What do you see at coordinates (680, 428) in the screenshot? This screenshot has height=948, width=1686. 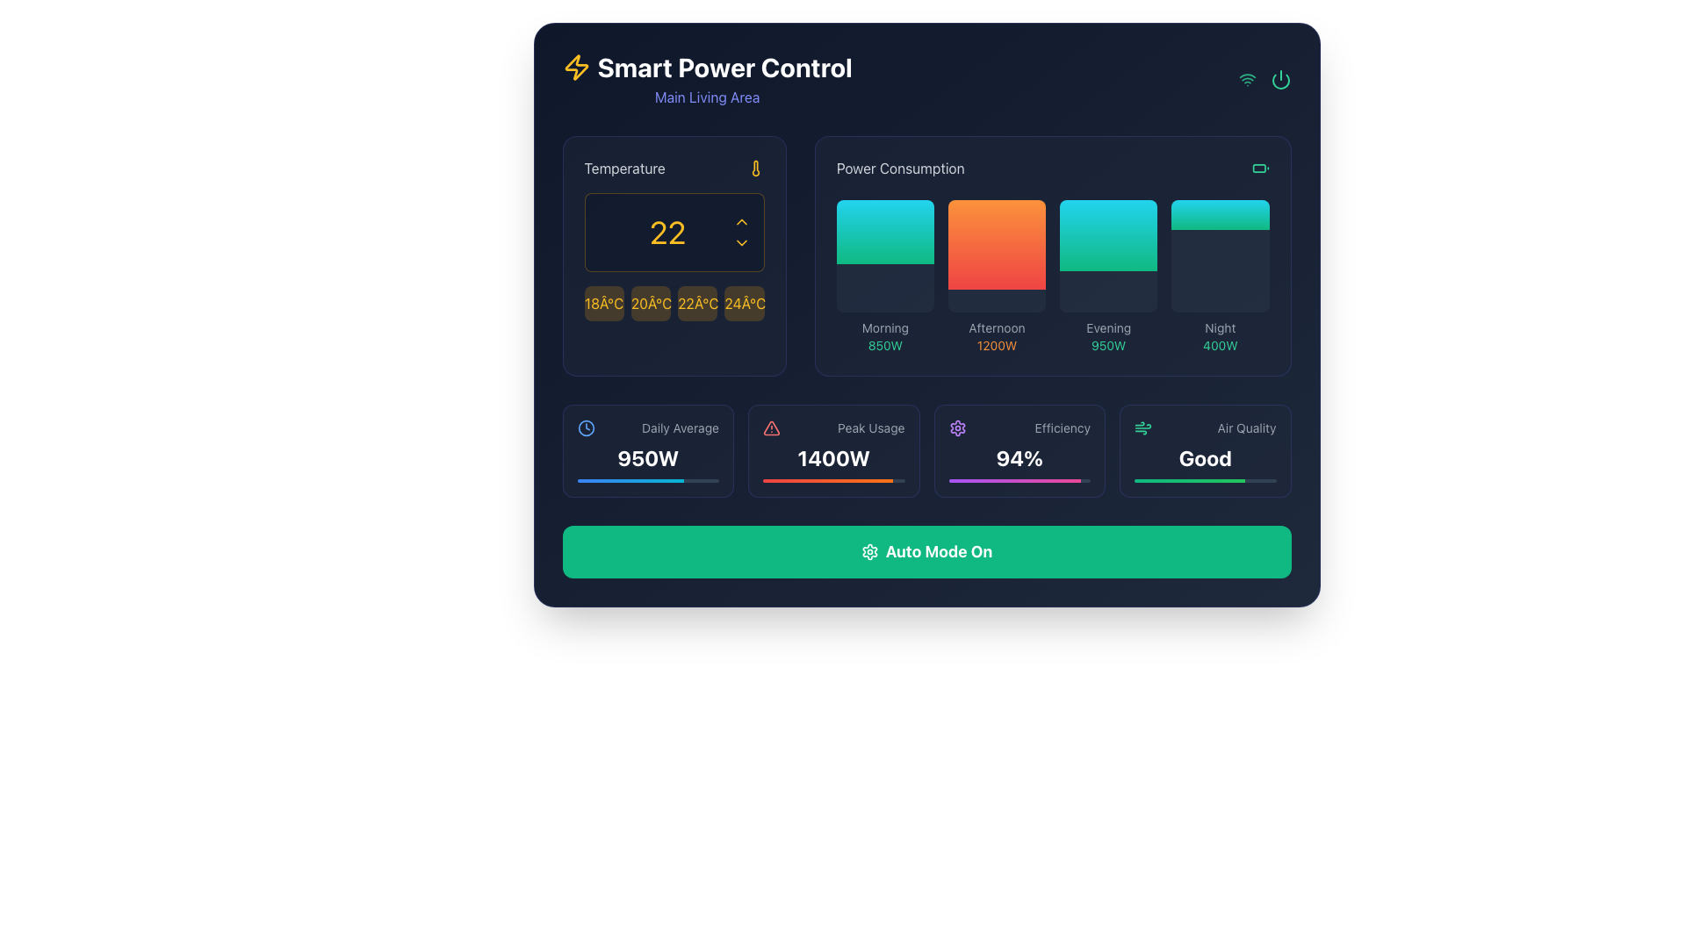 I see `the static text label displaying 'Daily Average' which is positioned above the power consumption value and is part of the data section in the bottom-left quadrant of the interface` at bounding box center [680, 428].